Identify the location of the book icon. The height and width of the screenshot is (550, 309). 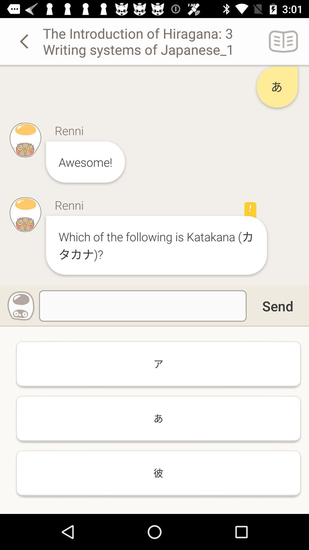
(284, 41).